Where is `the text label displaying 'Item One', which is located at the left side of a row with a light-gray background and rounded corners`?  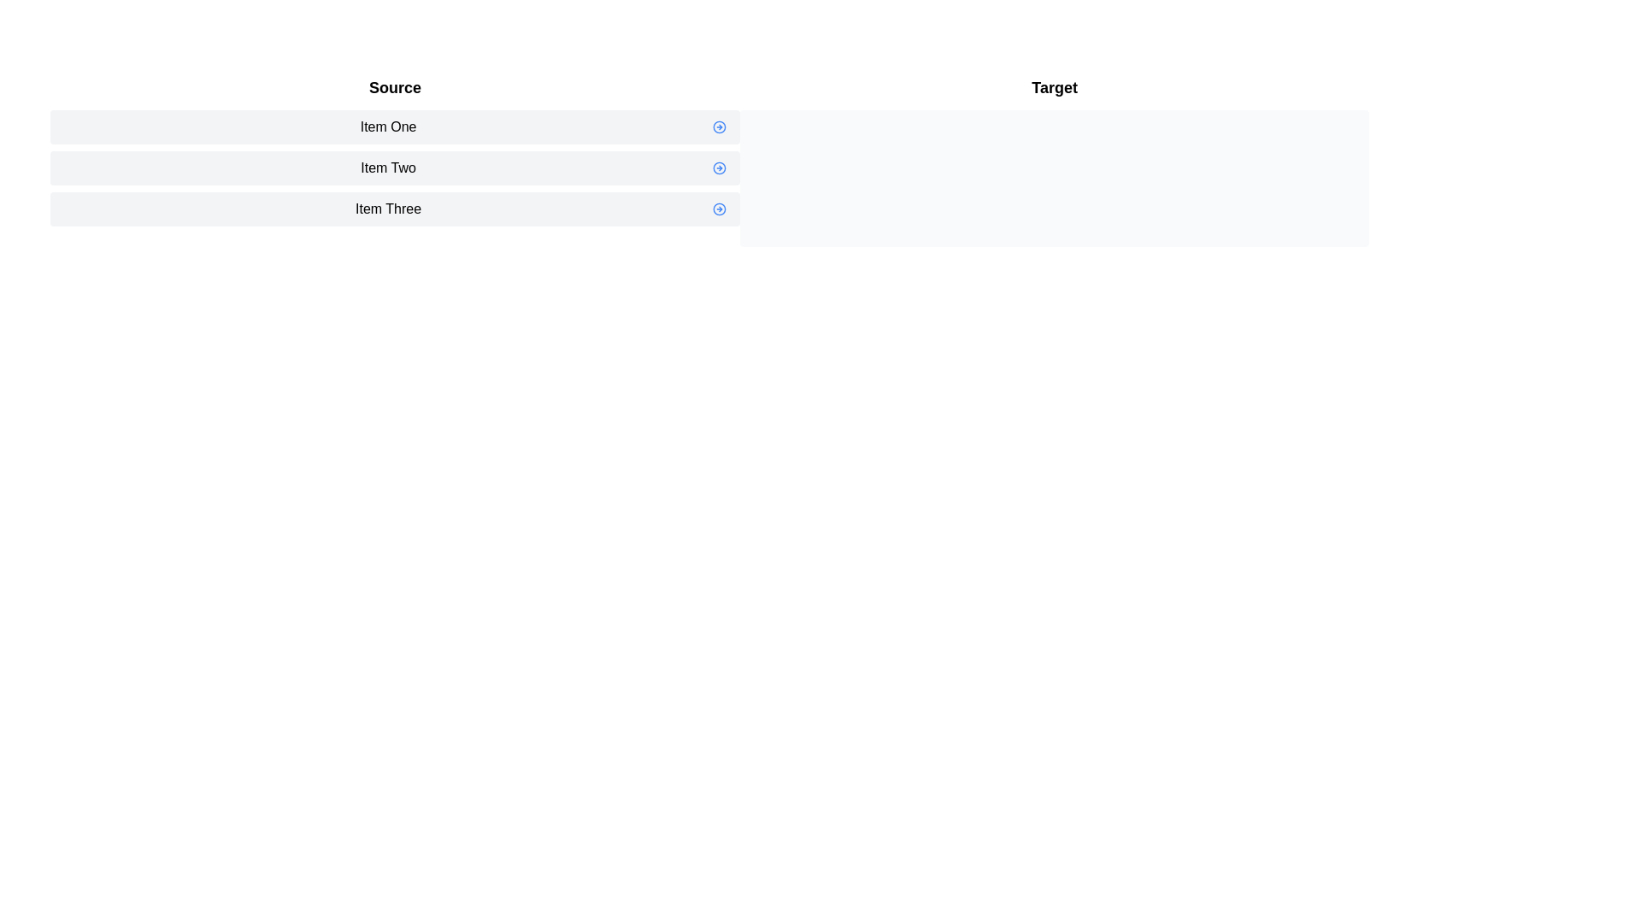 the text label displaying 'Item One', which is located at the left side of a row with a light-gray background and rounded corners is located at coordinates (387, 126).